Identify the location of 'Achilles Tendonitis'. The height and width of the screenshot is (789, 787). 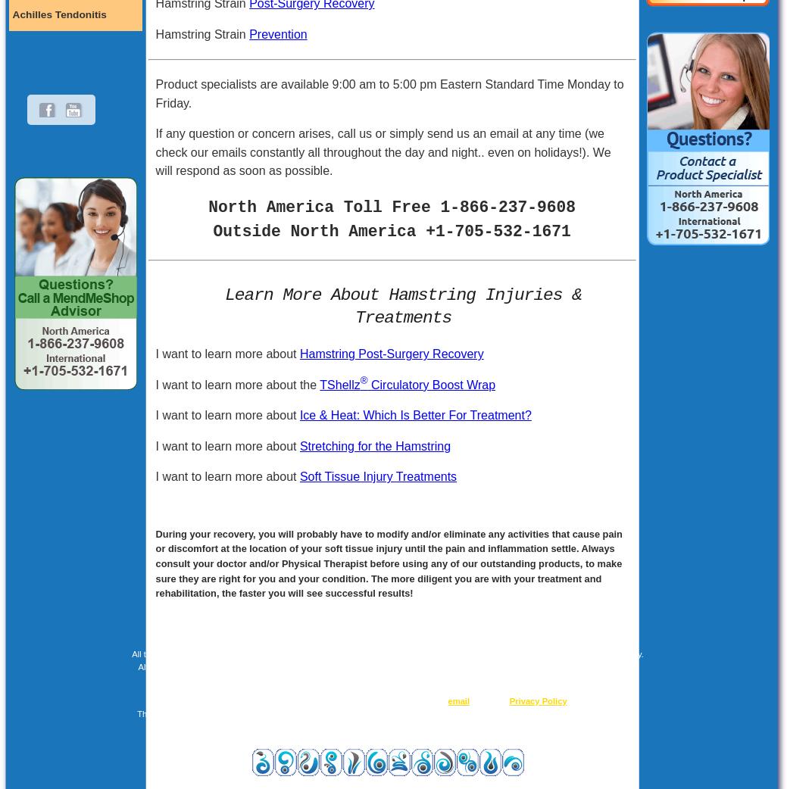
(58, 13).